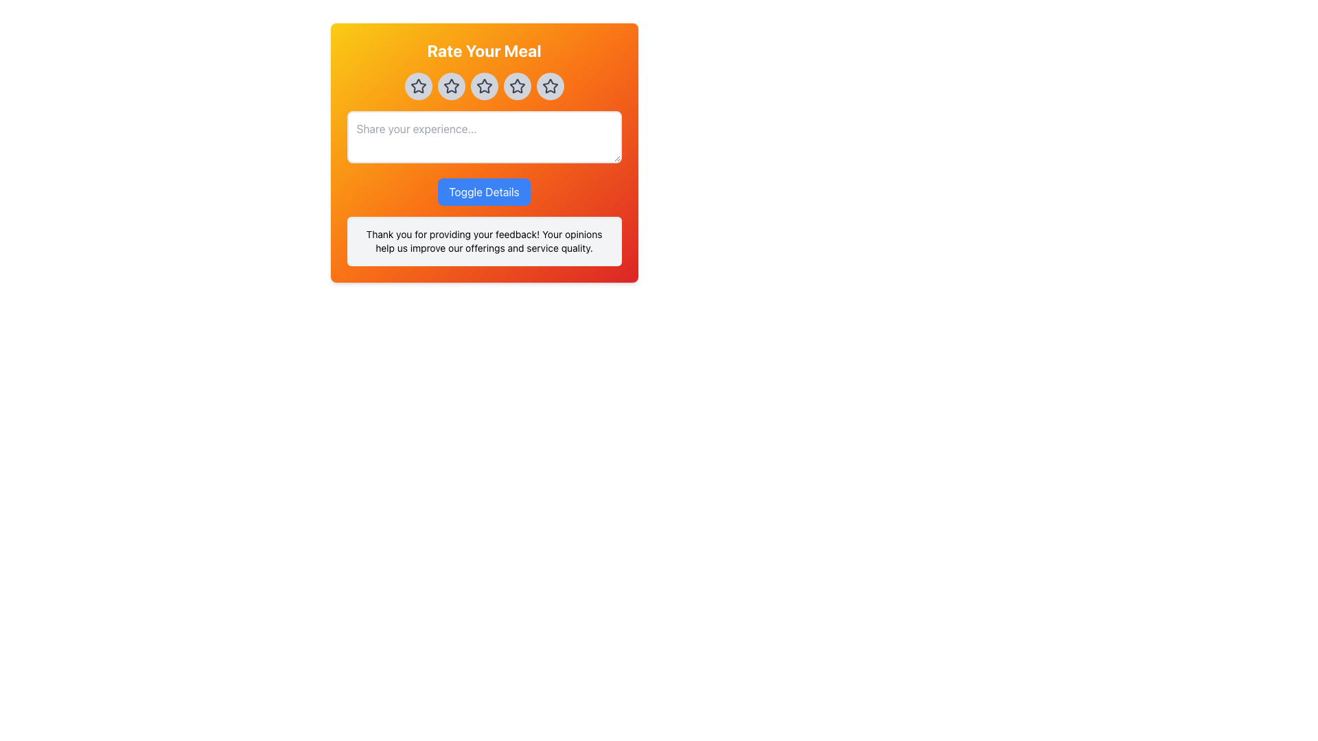  I want to click on the third star icon in the horizontal row of five rating stars to rate it, so click(516, 86).